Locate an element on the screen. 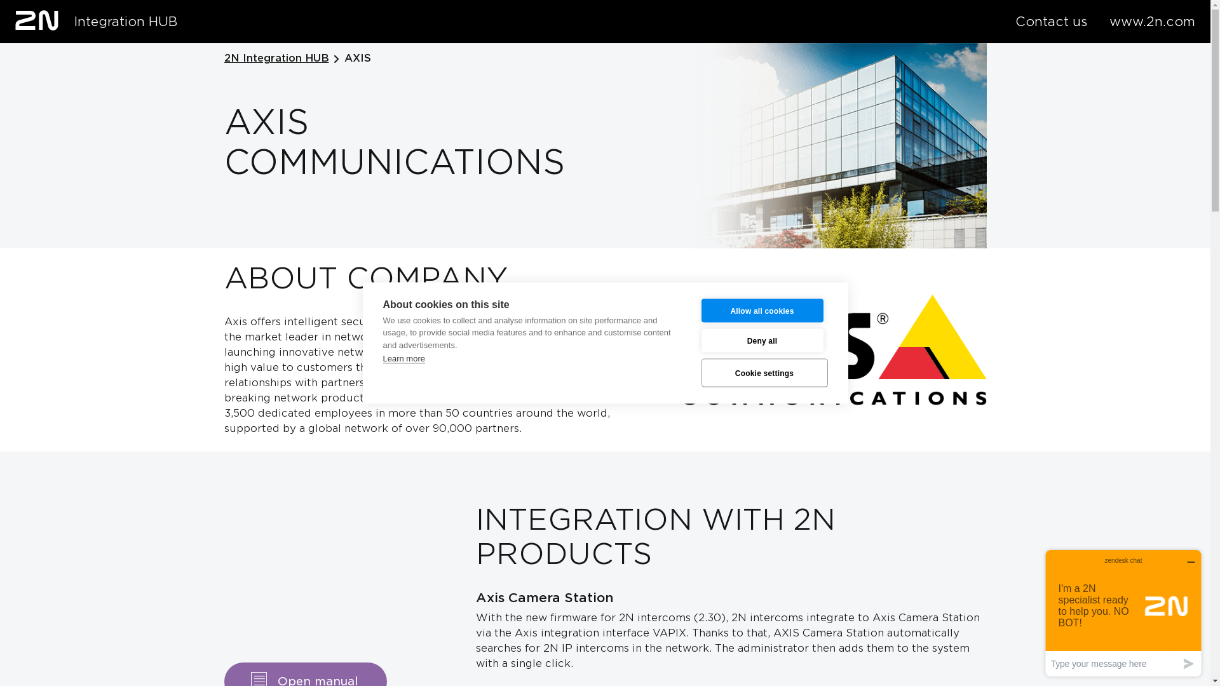  '2N' is located at coordinates (36, 20).